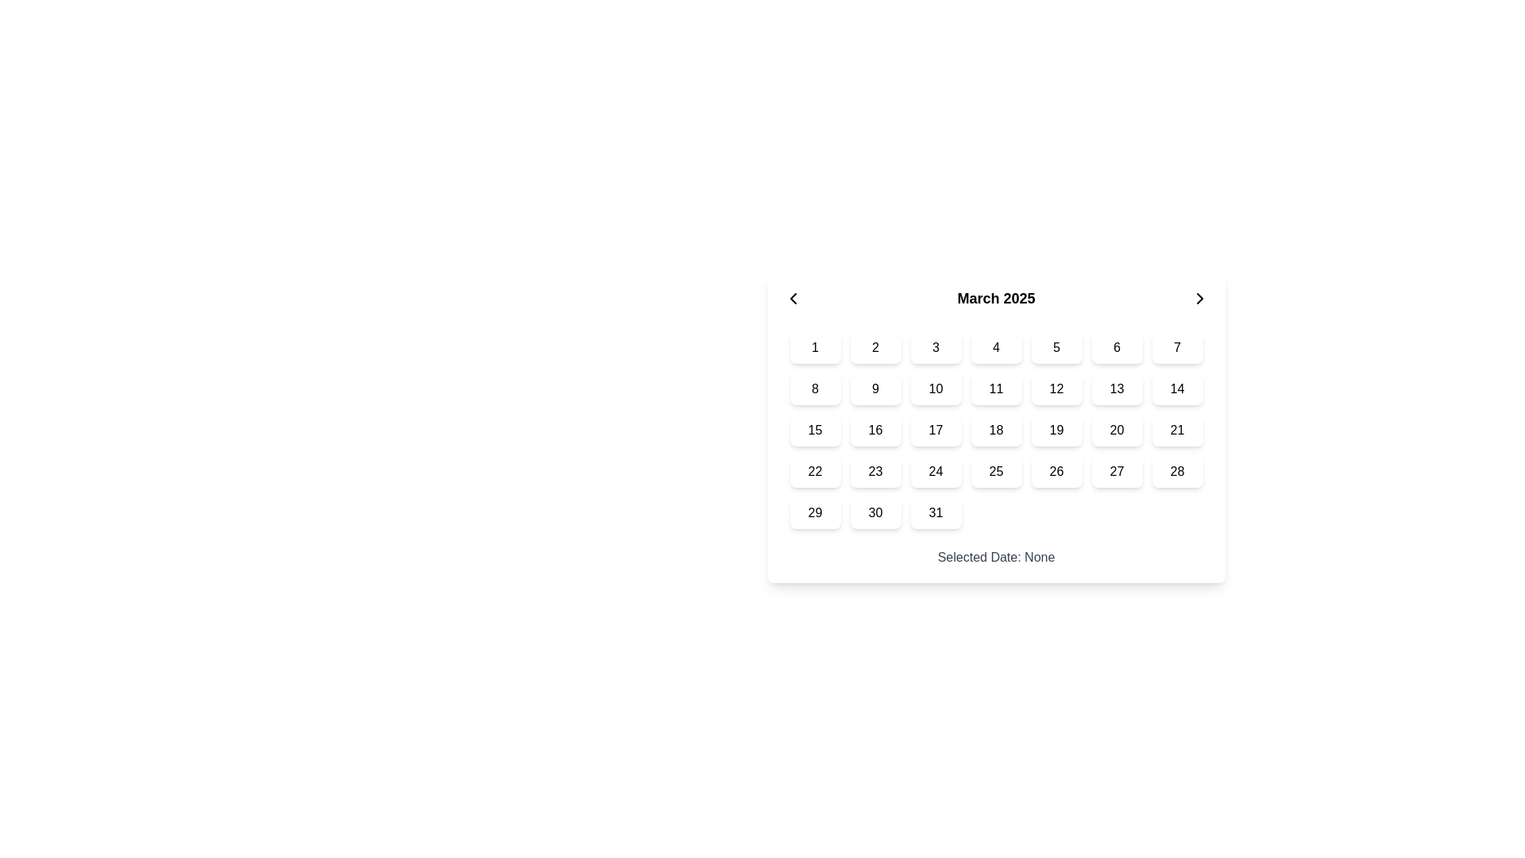  Describe the element at coordinates (874, 388) in the screenshot. I see `the selectable date button in the calendar interface, which is the second item in the second row of a 7-column grid layout` at that location.